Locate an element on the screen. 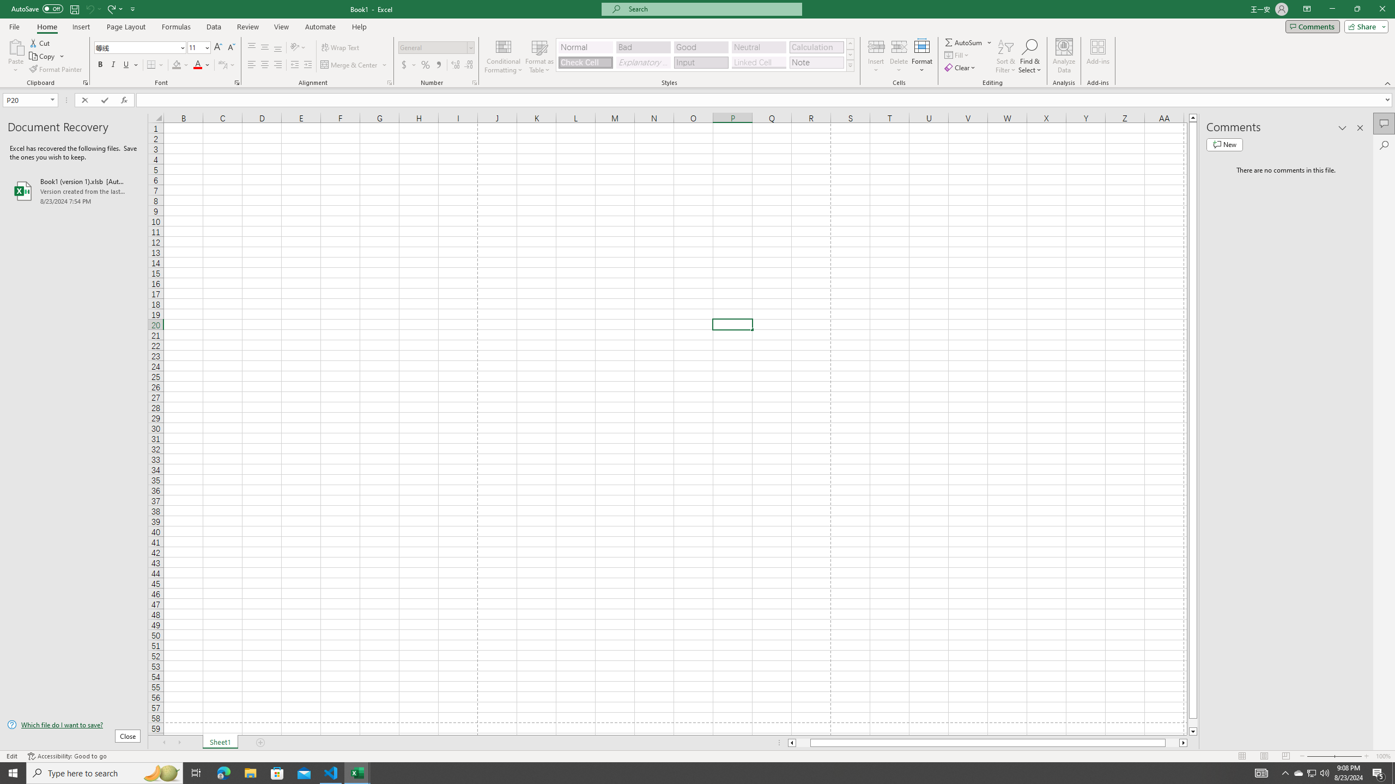  'Fill' is located at coordinates (957, 54).